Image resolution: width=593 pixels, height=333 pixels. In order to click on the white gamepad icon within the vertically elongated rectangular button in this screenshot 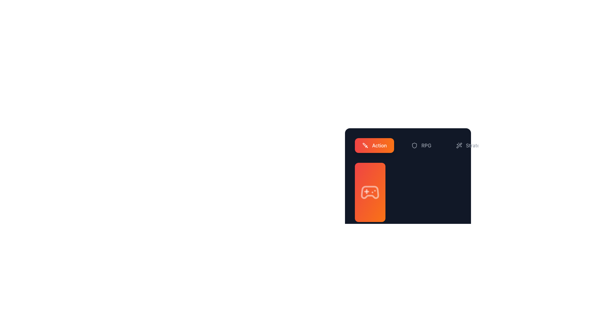, I will do `click(370, 192)`.